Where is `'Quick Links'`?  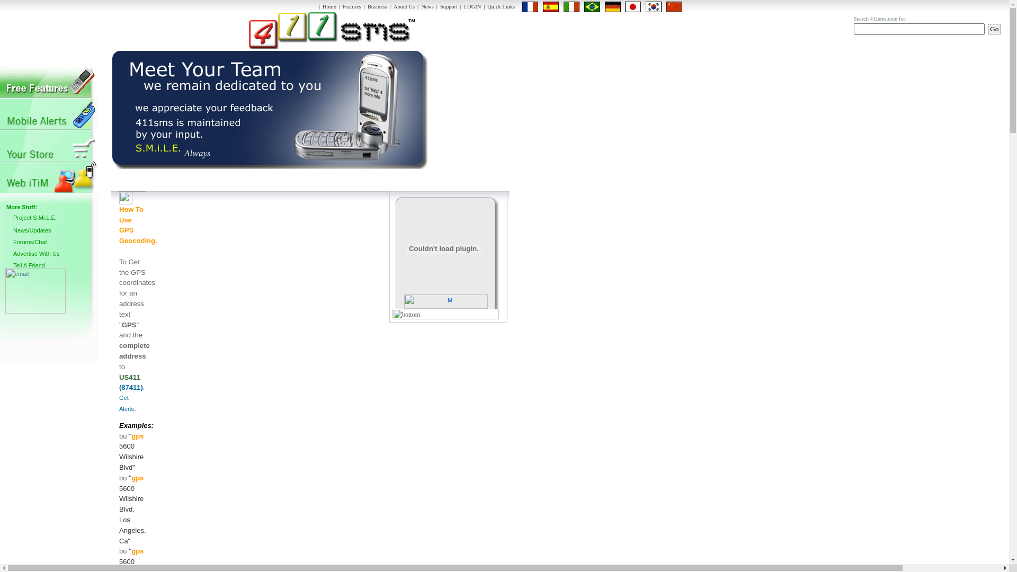
'Quick Links' is located at coordinates (500, 6).